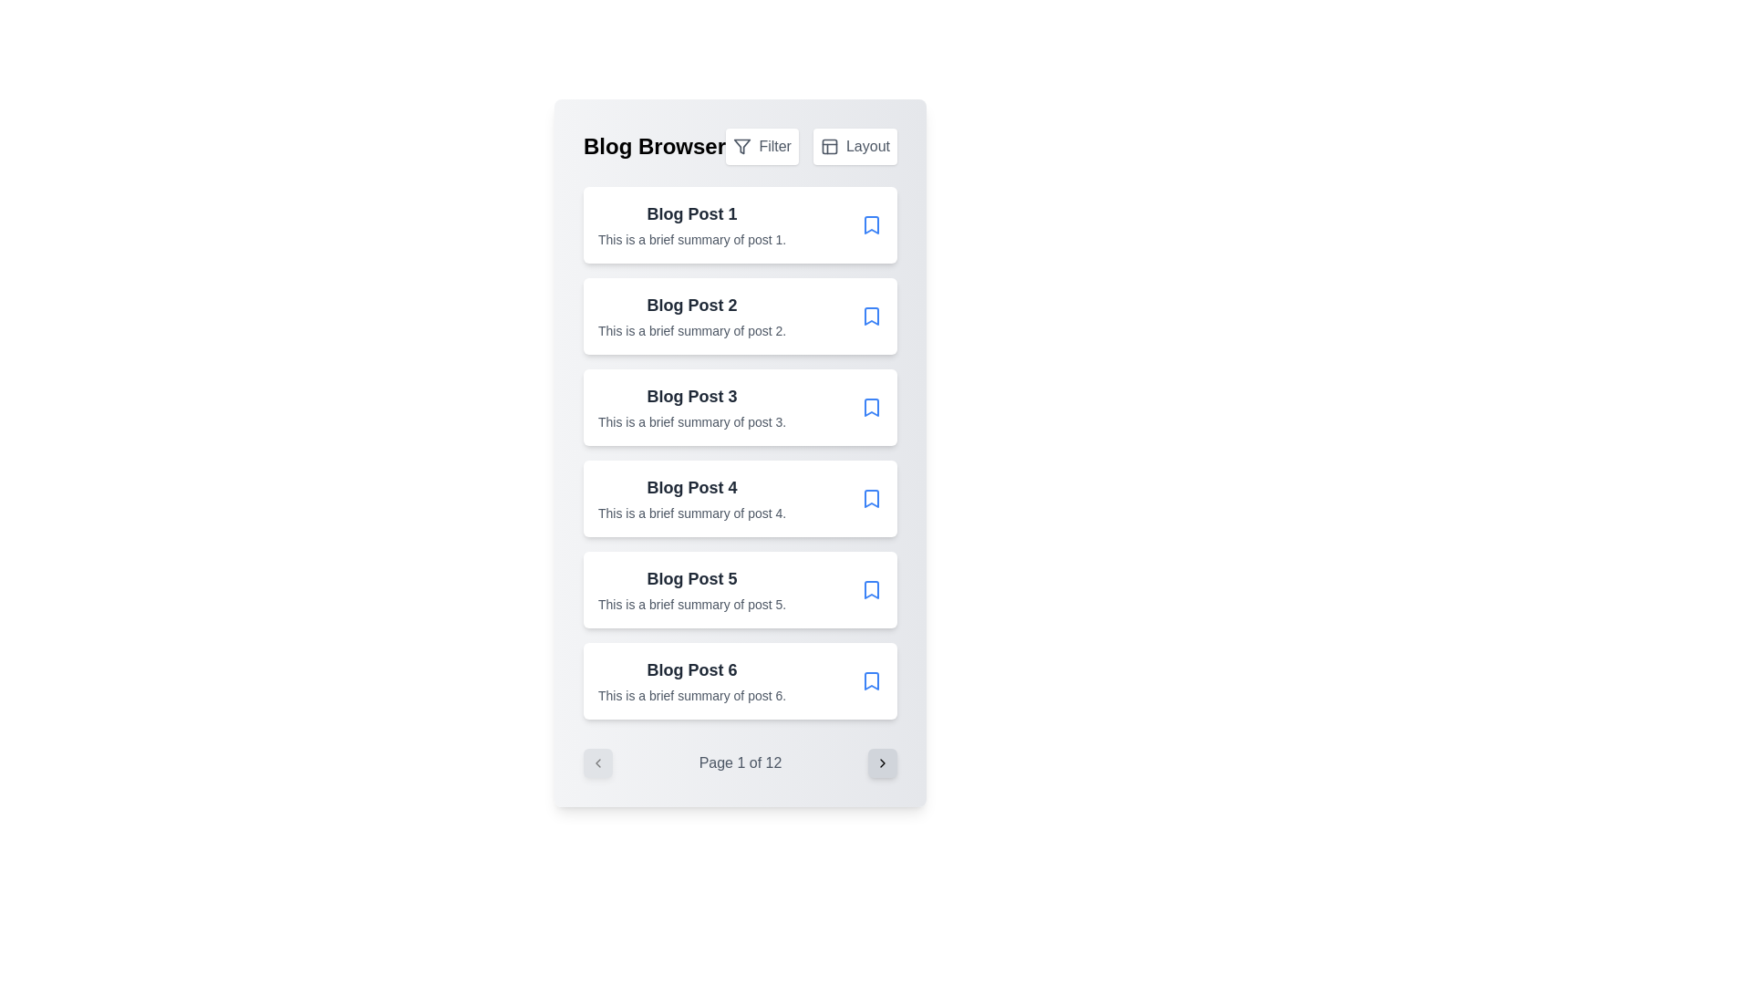  I want to click on the text element containing 'This is a brief summary of post 4.' which is styled in smaller gray text located below the title 'Blog Post 4', so click(691, 513).